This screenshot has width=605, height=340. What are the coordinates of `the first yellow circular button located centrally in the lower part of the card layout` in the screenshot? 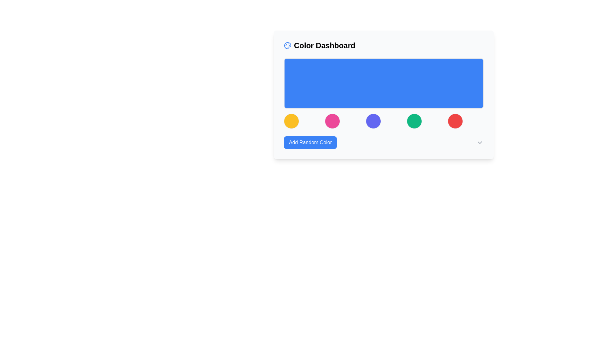 It's located at (291, 121).